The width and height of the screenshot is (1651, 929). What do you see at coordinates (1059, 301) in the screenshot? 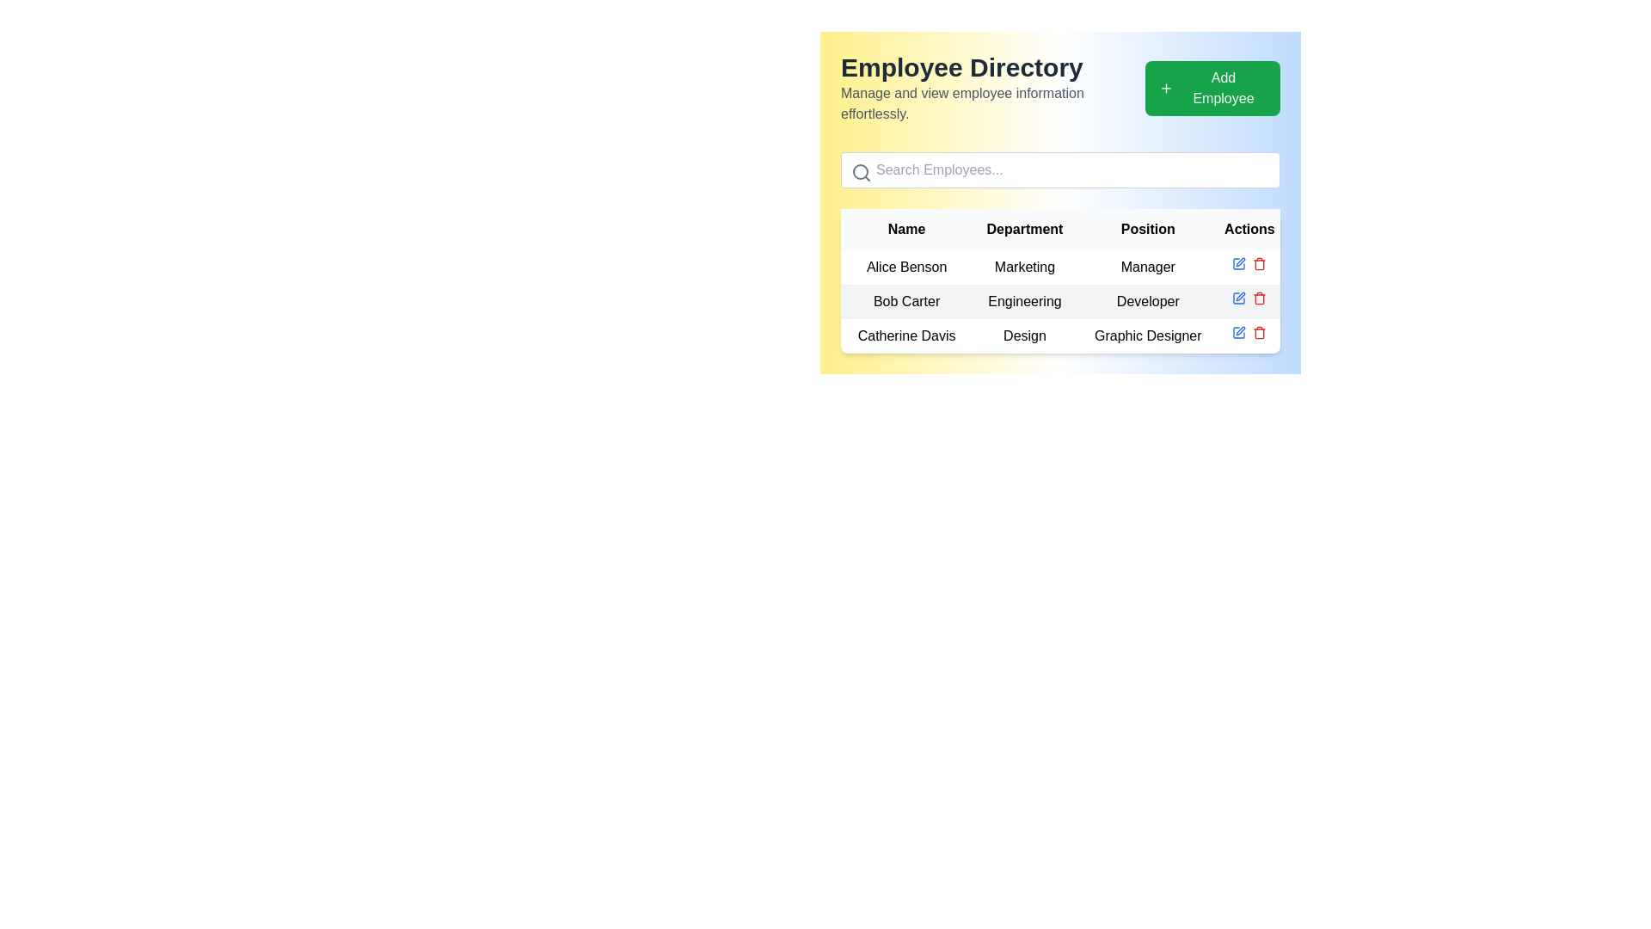
I see `the second data row` at bounding box center [1059, 301].